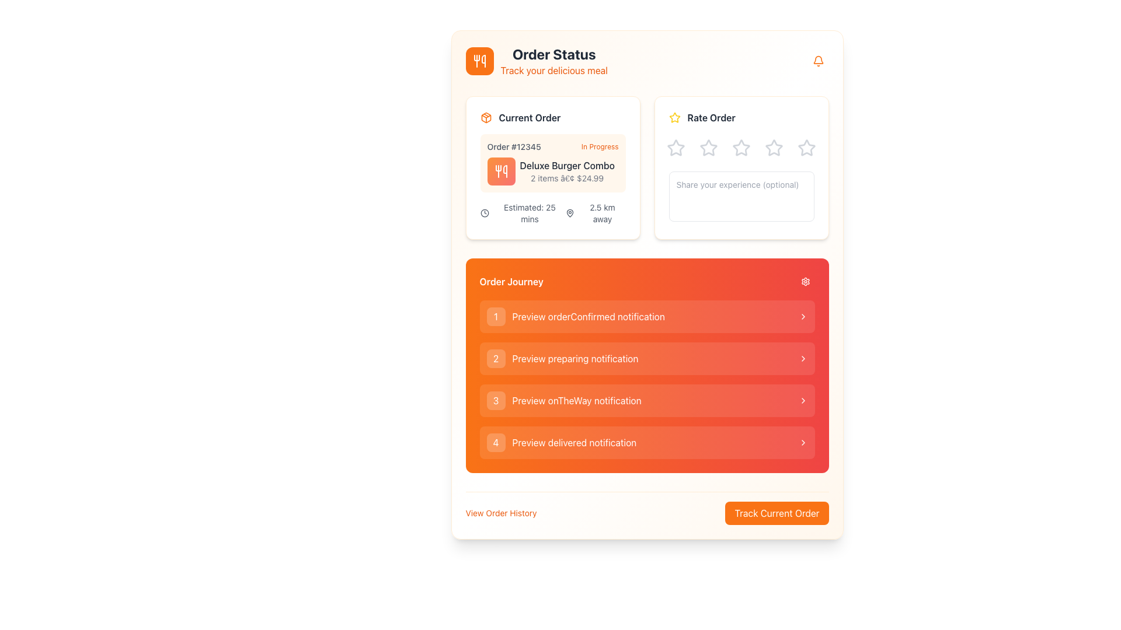 The width and height of the screenshot is (1121, 630). What do you see at coordinates (552, 171) in the screenshot?
I see `details about the order item displayed as 'Deluxe Burger Combo' along with its quantity and total price, located in the 'Current Order' section of the 'Order Status' interface` at bounding box center [552, 171].